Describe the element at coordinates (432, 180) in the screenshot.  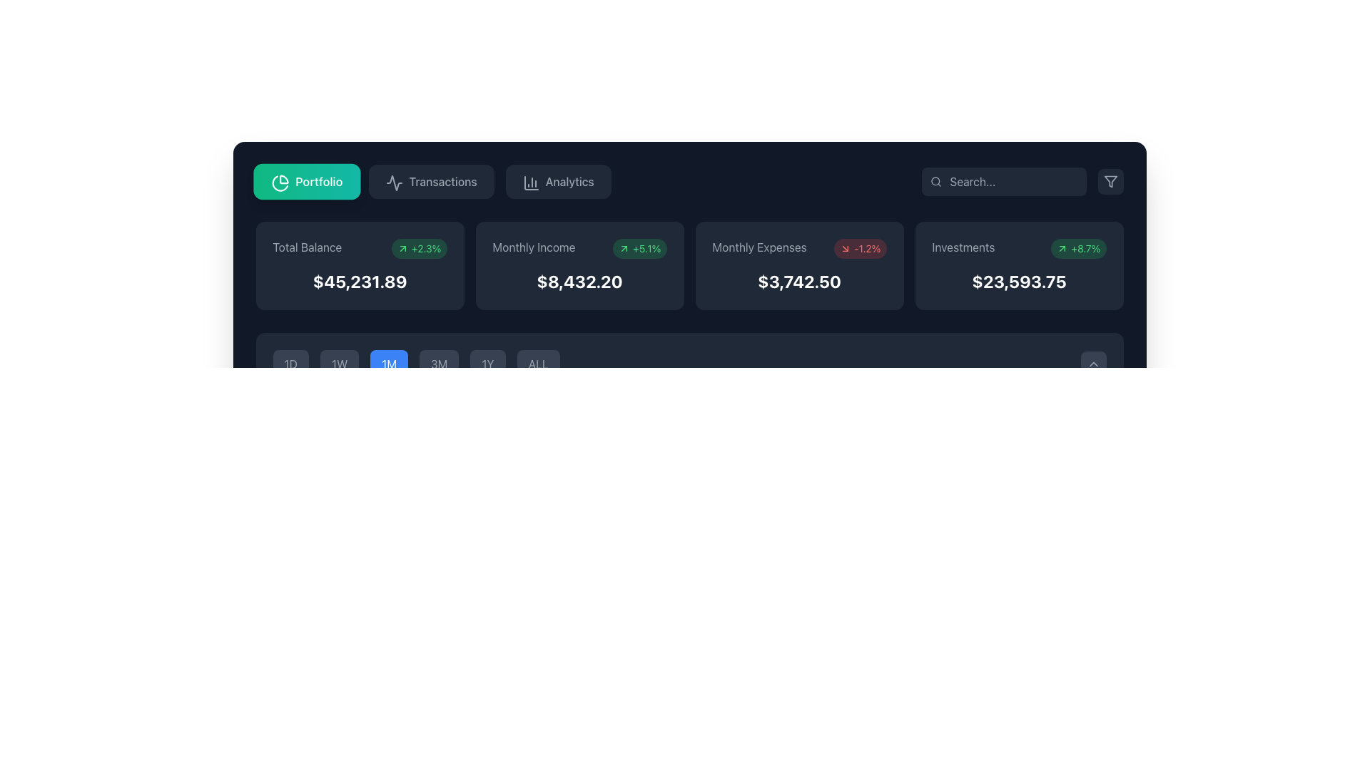
I see `the 'Portfolio' section of the dark-themed navigation menu` at that location.